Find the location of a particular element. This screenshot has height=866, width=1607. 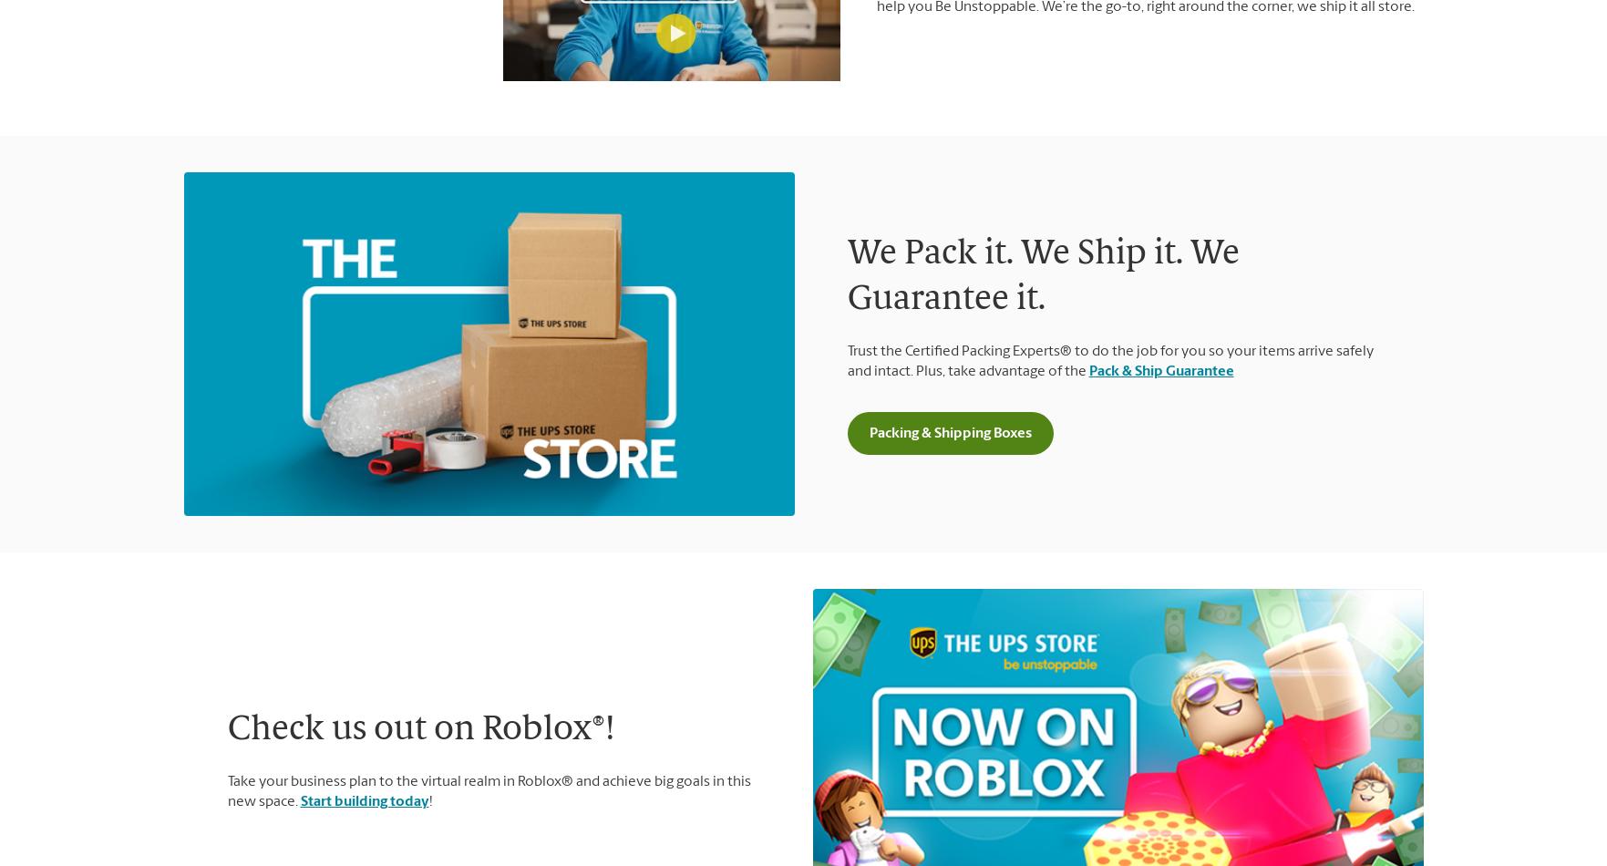

'Nearby The UPS Store Locations' is located at coordinates (803, 316).